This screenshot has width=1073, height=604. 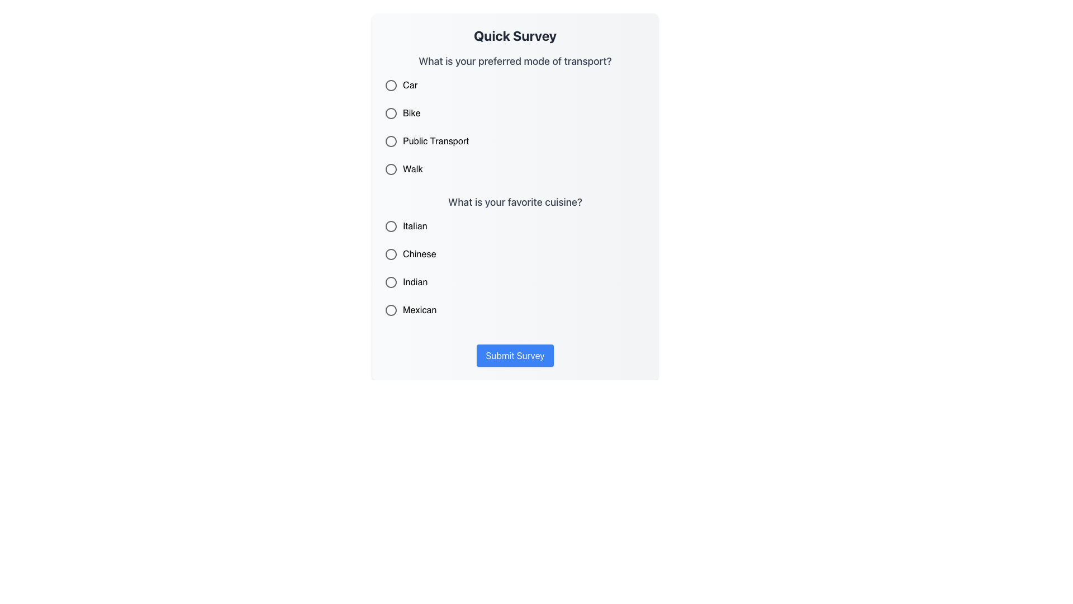 I want to click on the radio button indicator for the 'Car' option in the survey interface to visually identify the selected state, so click(x=391, y=85).